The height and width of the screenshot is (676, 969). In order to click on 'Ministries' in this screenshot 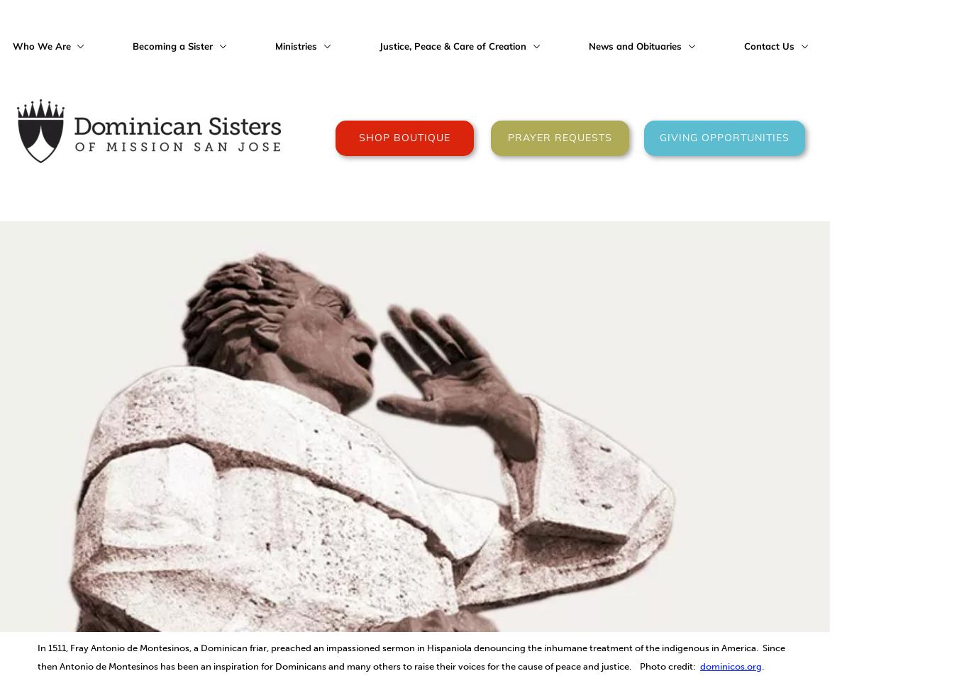, I will do `click(297, 45)`.